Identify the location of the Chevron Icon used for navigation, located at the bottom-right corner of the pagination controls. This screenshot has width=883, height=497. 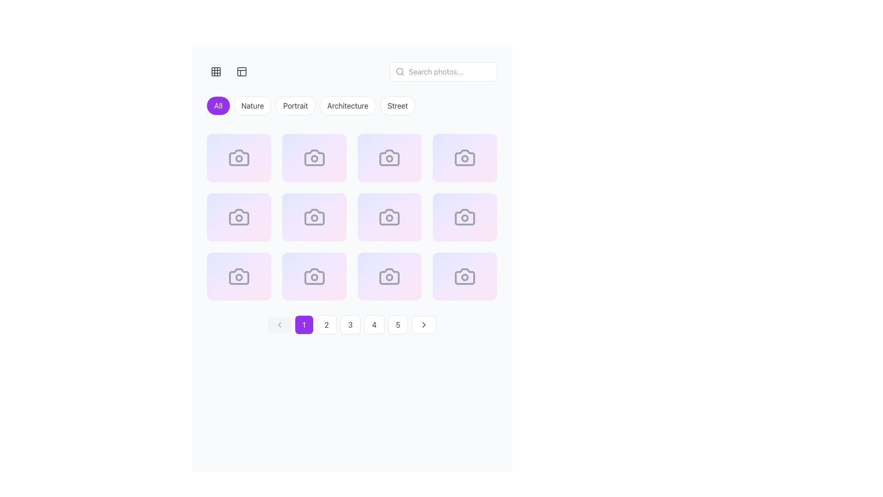
(424, 324).